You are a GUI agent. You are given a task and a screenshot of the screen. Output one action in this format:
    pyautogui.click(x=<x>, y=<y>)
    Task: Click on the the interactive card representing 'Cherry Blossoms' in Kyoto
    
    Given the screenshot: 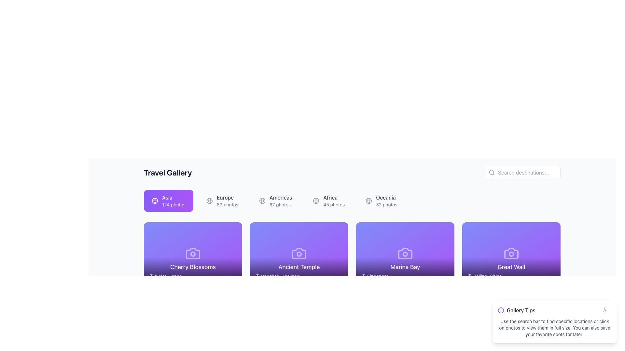 What is the action you would take?
    pyautogui.click(x=193, y=253)
    